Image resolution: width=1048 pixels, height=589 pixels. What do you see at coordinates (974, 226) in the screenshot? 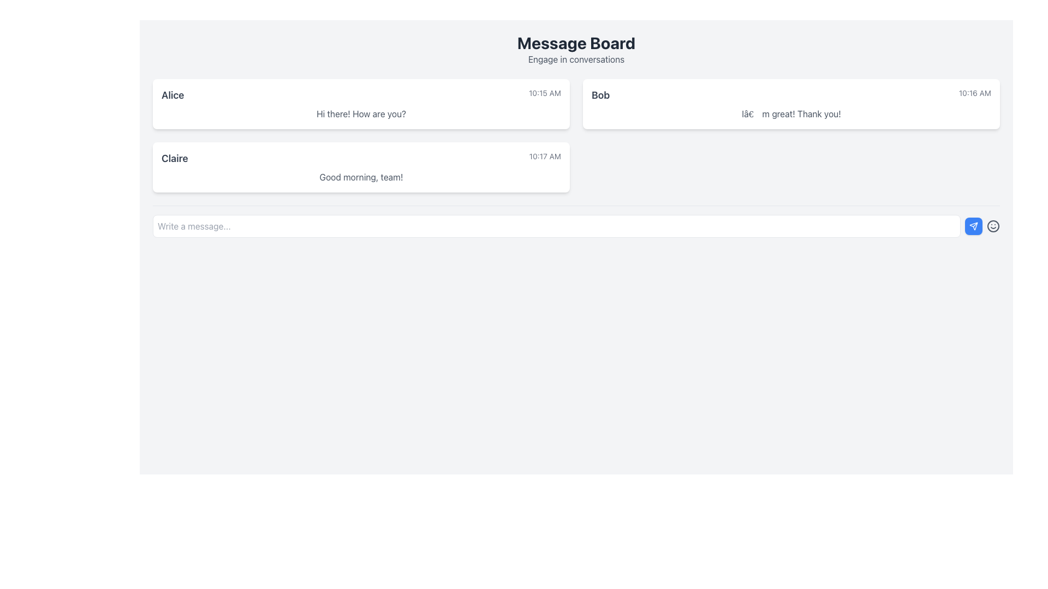
I see `the small, rounded-rectangle-shaped blue button with a paper airplane icon` at bounding box center [974, 226].